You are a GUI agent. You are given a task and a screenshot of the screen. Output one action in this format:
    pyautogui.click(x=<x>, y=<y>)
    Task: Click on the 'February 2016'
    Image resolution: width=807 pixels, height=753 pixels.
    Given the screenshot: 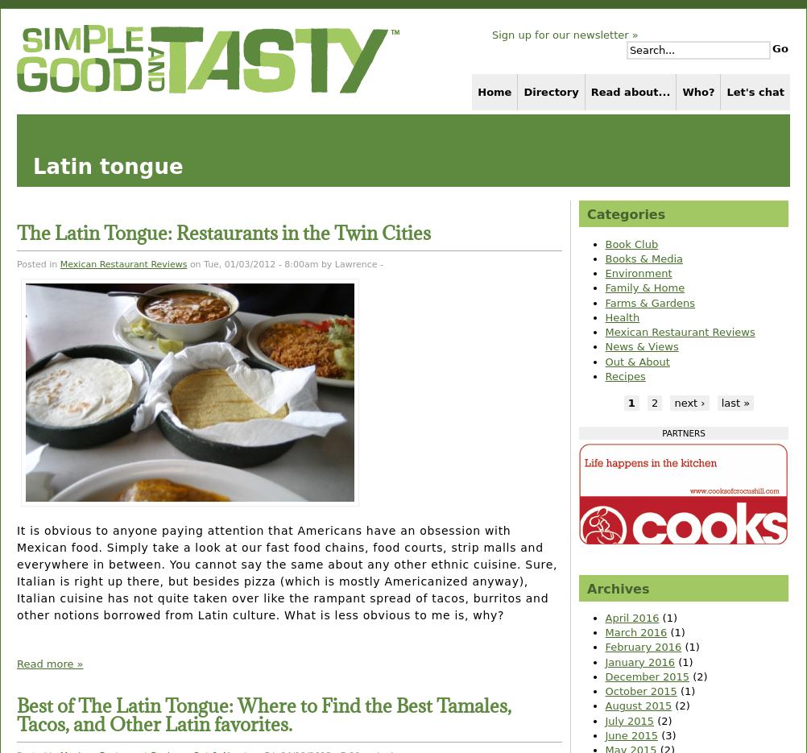 What is the action you would take?
    pyautogui.click(x=642, y=646)
    